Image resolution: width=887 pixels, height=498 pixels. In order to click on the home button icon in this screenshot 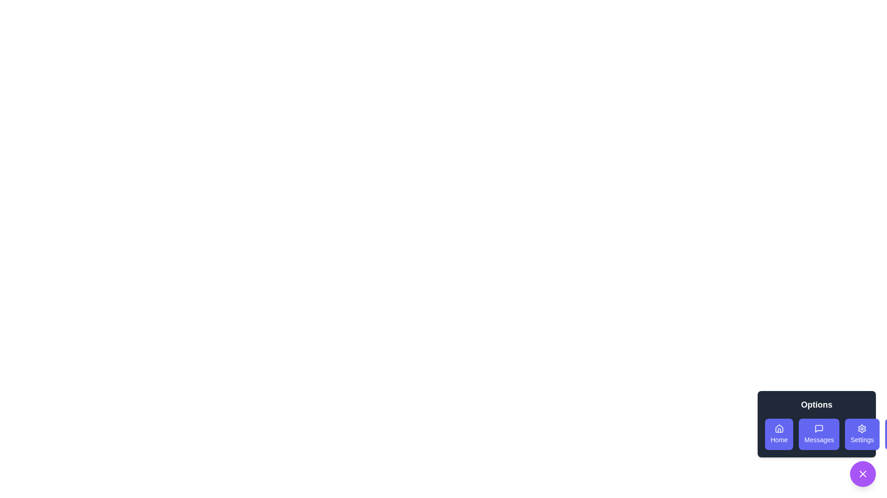, I will do `click(778, 428)`.